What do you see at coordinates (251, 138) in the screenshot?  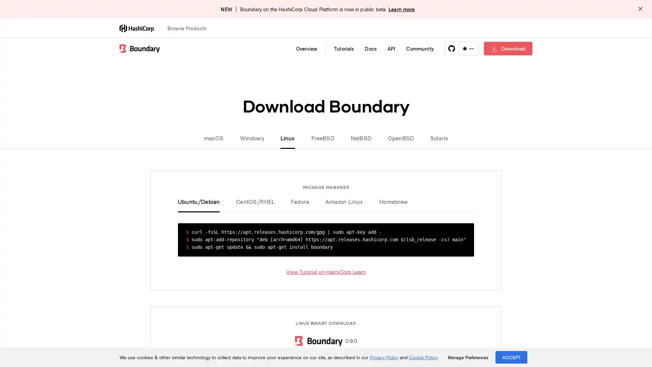 I see `Windows` at bounding box center [251, 138].